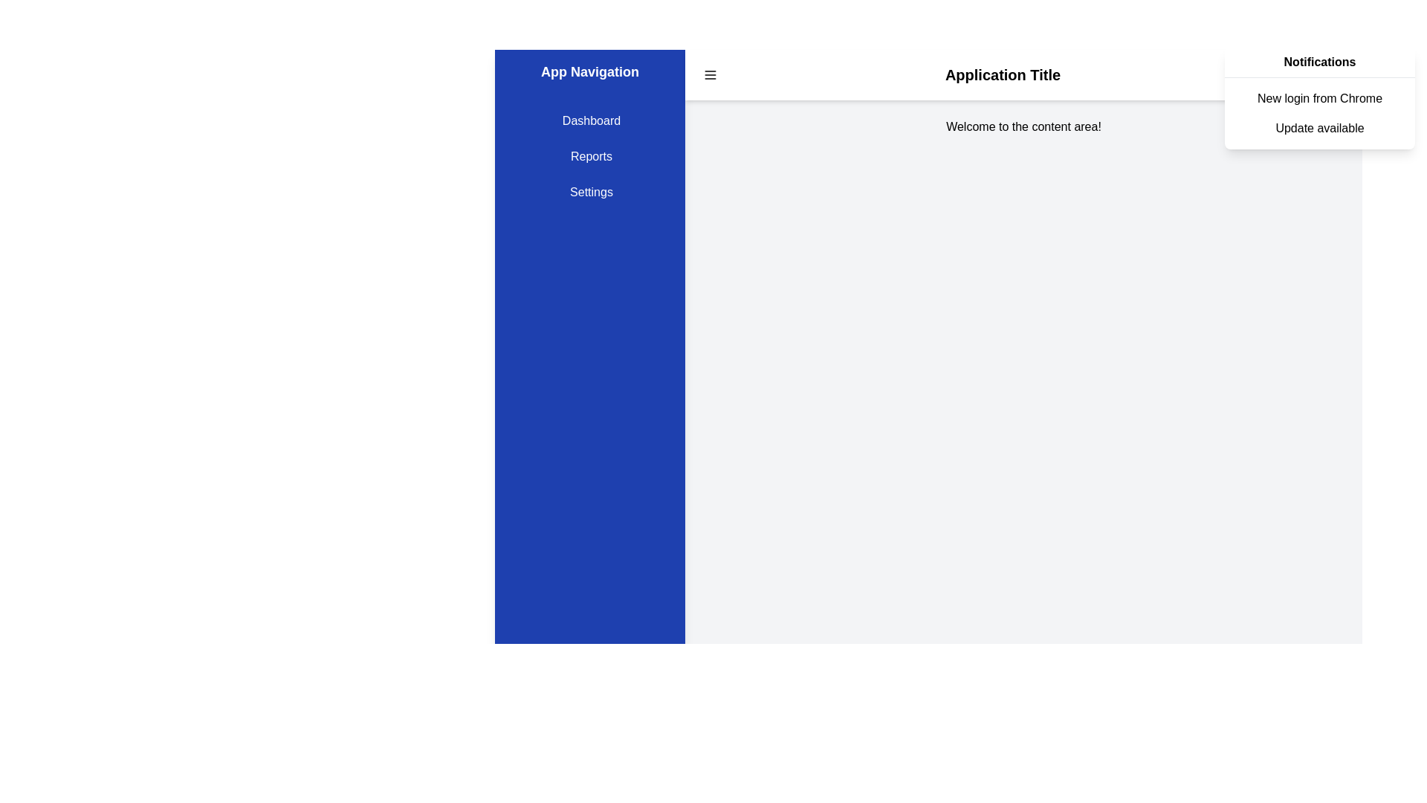 This screenshot has height=803, width=1427. I want to click on the static text label 'App Navigation' which is styled in bold and positioned at the top of the sidebar area, so click(589, 71).